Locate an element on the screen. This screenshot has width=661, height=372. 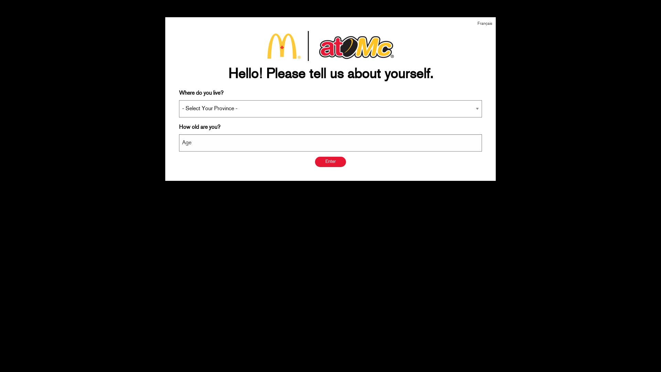
'Enter' is located at coordinates (330, 162).